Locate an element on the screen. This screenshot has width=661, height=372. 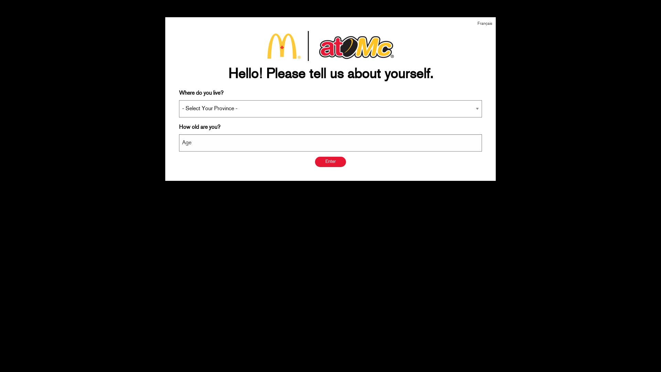
'Enter' is located at coordinates (330, 162).